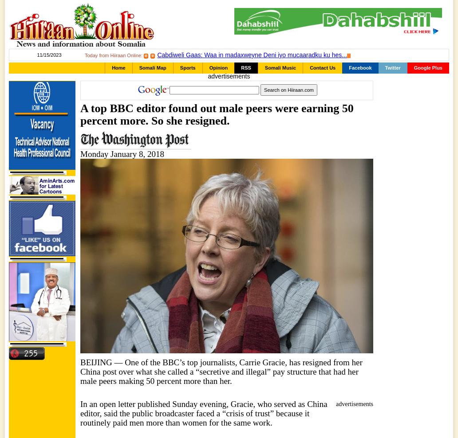 This screenshot has width=458, height=438. Describe the element at coordinates (360, 67) in the screenshot. I see `'Facebook'` at that location.